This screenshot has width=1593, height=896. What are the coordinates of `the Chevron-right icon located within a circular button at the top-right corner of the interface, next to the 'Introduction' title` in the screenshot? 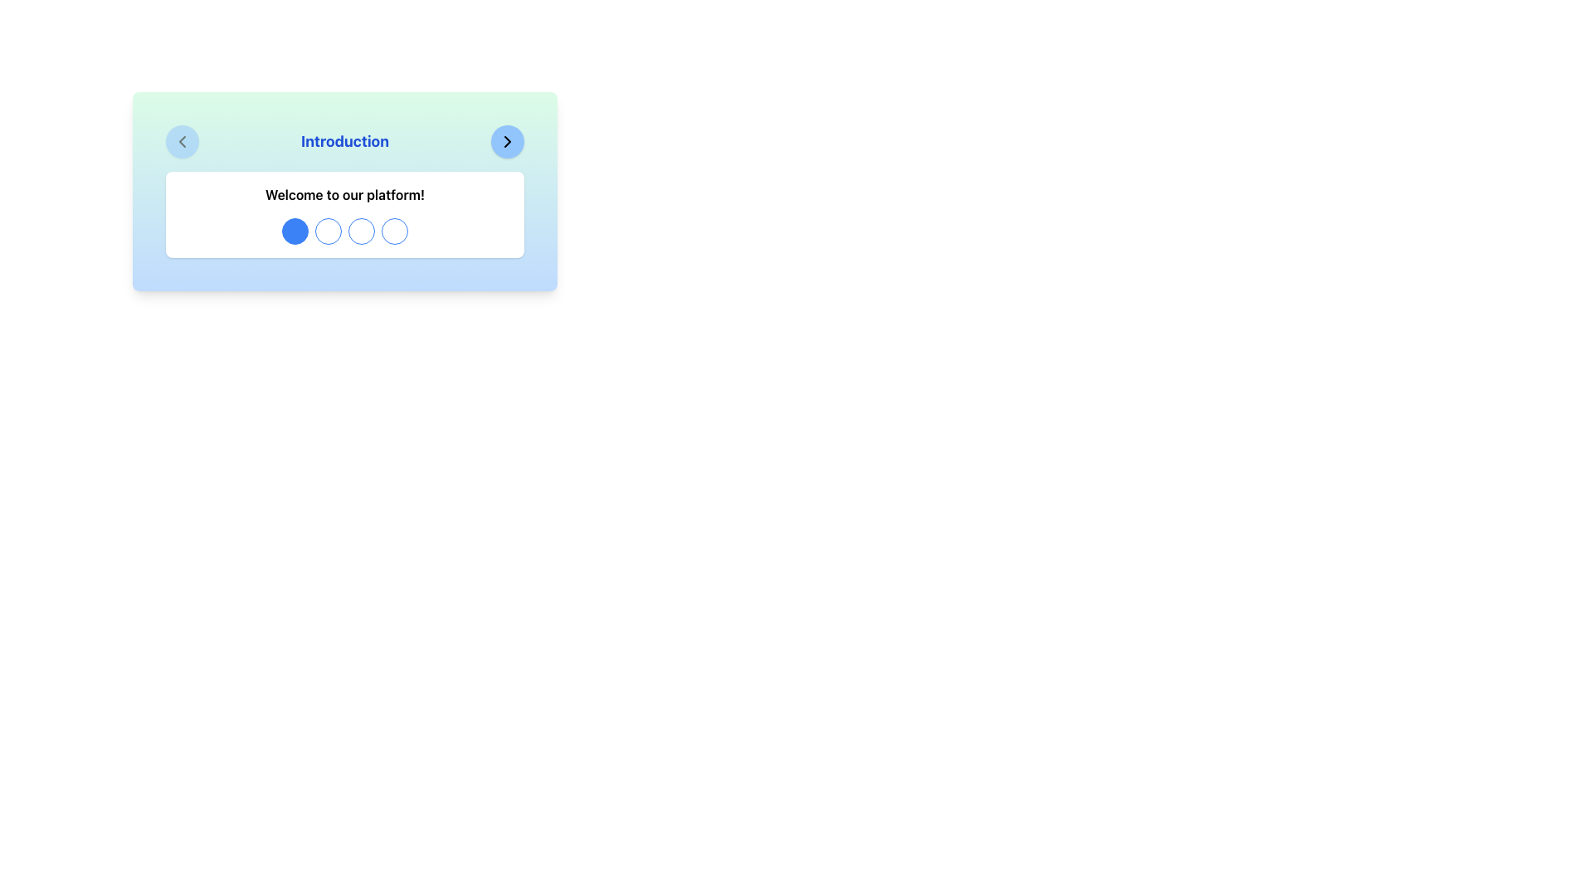 It's located at (506, 140).